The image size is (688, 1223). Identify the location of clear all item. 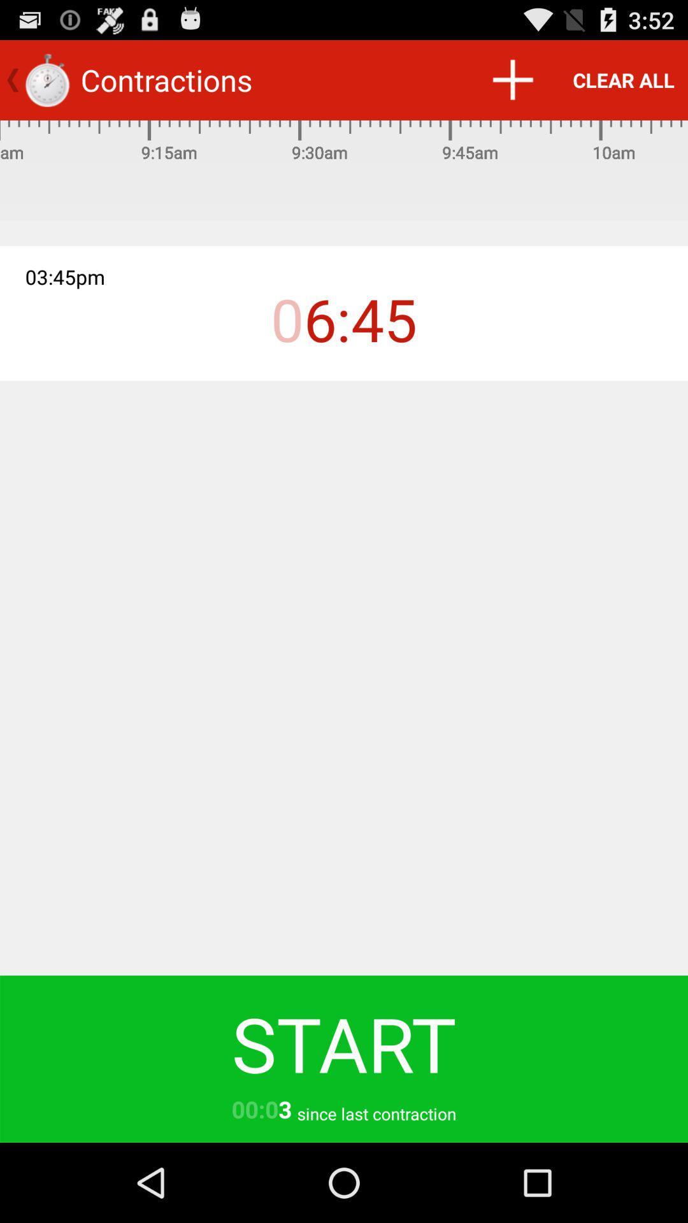
(623, 79).